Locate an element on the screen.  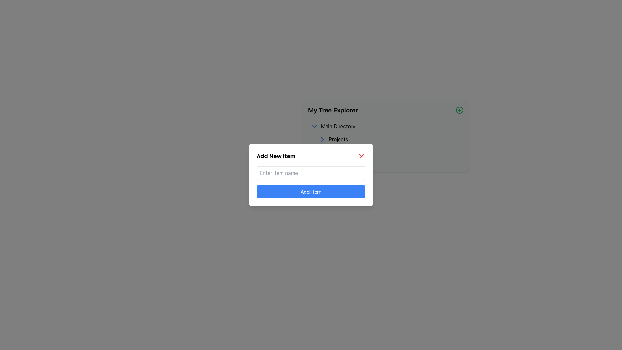
the circular button located at the top-right corner of the 'My Tree Explorer' card is located at coordinates (459, 110).